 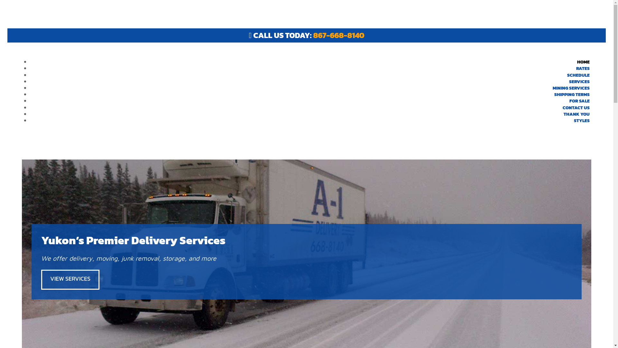 I want to click on '867-668-8140', so click(x=313, y=35).